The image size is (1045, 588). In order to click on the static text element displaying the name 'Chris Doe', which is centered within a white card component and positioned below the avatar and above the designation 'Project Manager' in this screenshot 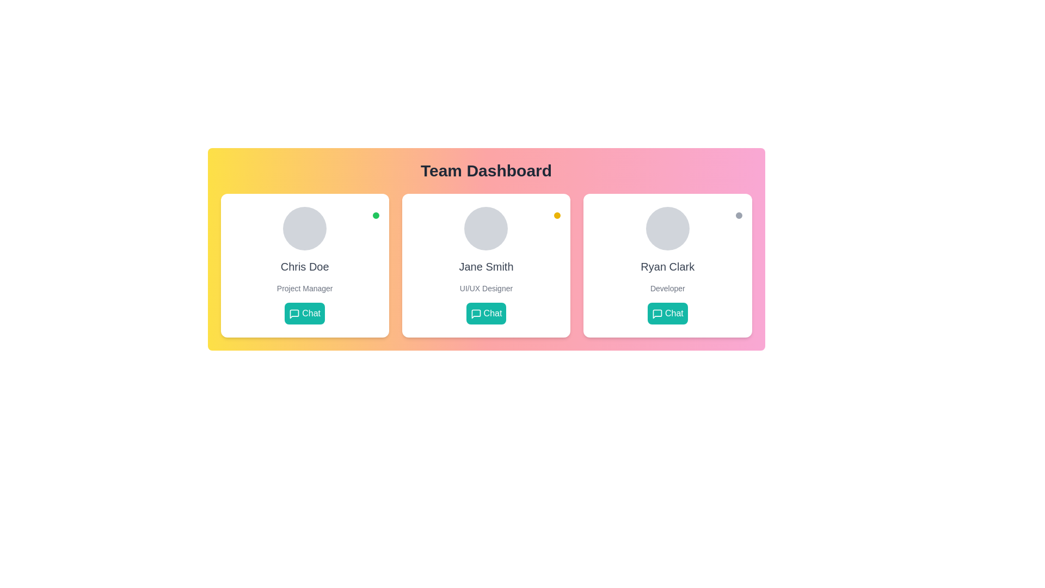, I will do `click(305, 266)`.